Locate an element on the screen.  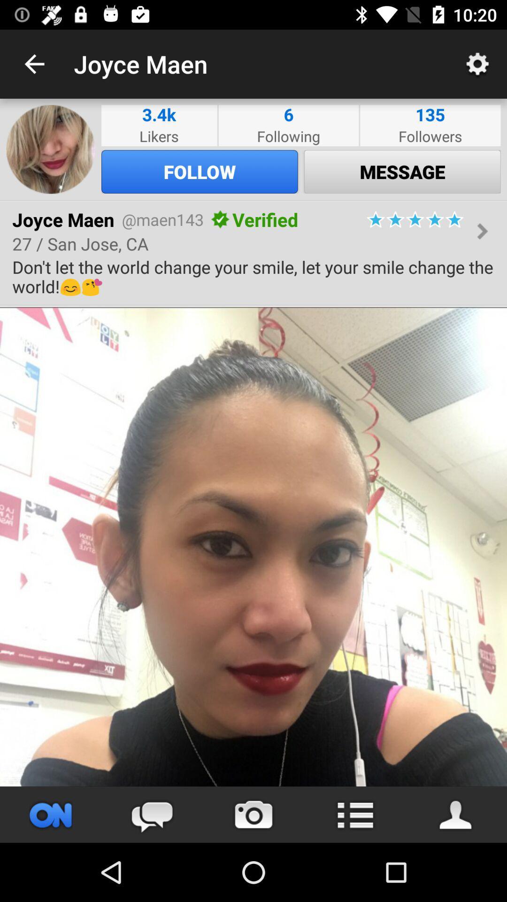
profile is located at coordinates (51, 814).